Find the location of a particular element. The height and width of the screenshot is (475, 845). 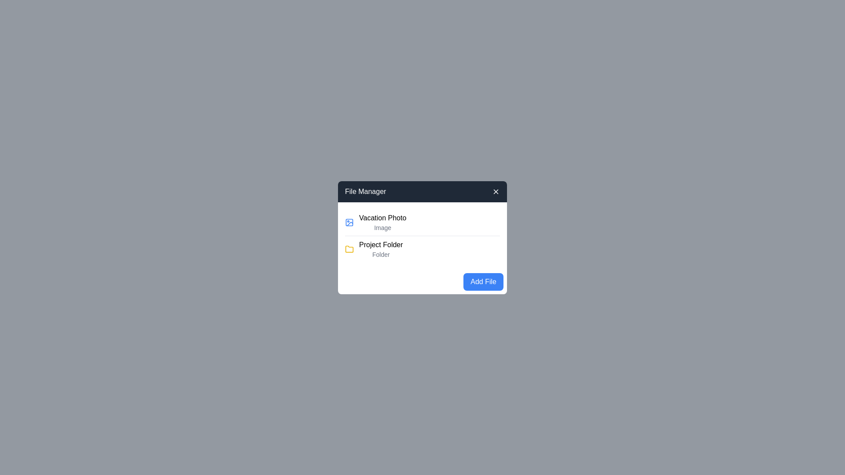

the item Vacation Photo from the file list is located at coordinates (422, 222).